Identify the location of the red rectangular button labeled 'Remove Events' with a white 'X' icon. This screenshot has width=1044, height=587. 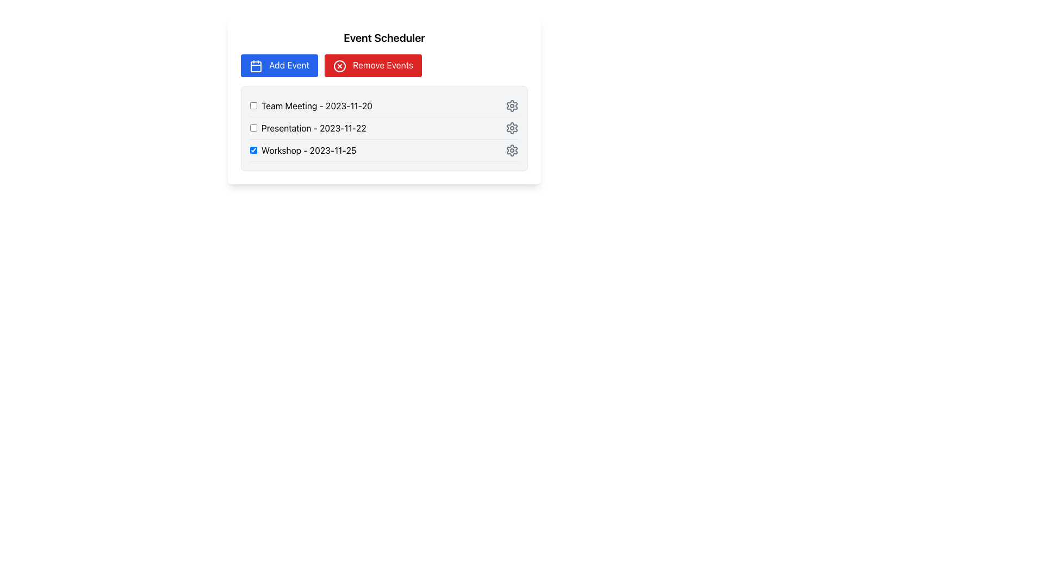
(373, 65).